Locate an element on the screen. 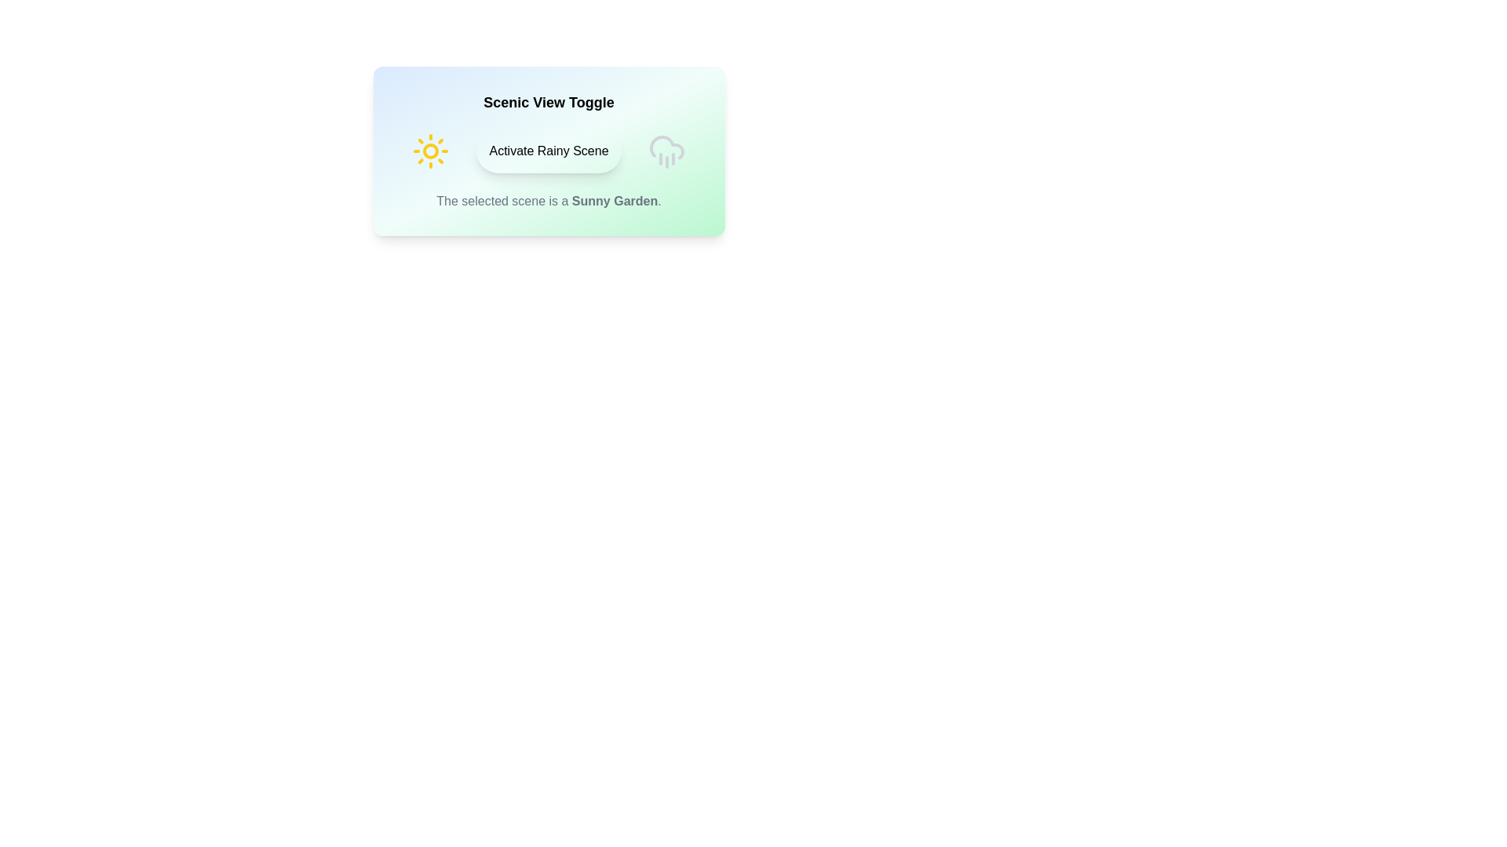 This screenshot has height=847, width=1507. button in the center of the component to toggle the scenic view is located at coordinates (549, 151).